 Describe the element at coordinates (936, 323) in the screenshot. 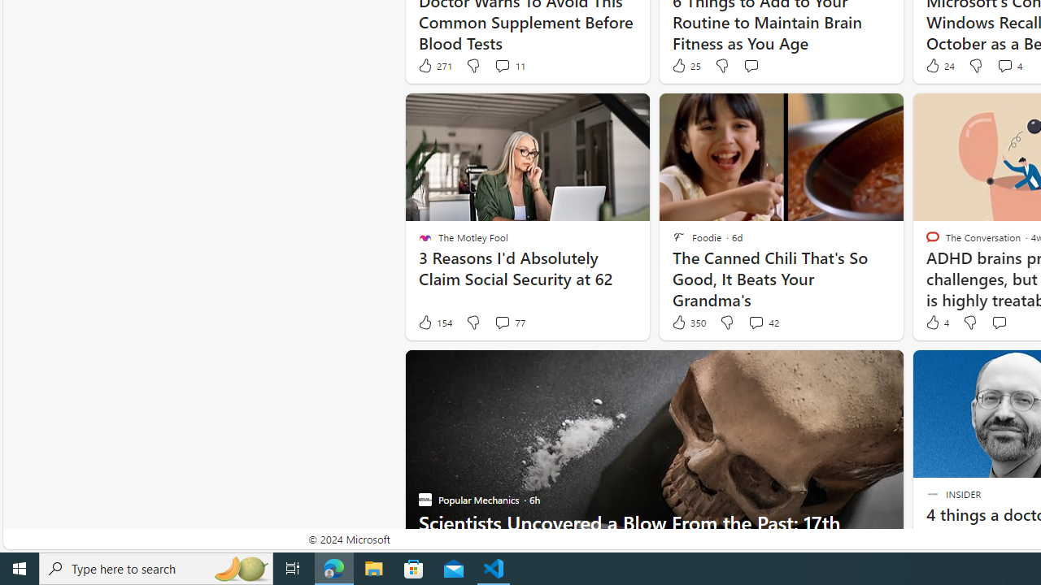

I see `'4 Like'` at that location.